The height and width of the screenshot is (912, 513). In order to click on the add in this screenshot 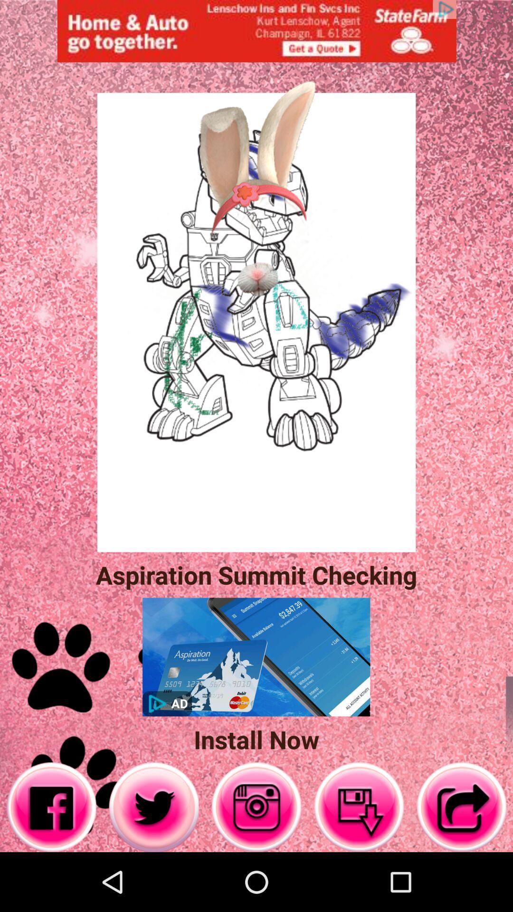, I will do `click(256, 31)`.